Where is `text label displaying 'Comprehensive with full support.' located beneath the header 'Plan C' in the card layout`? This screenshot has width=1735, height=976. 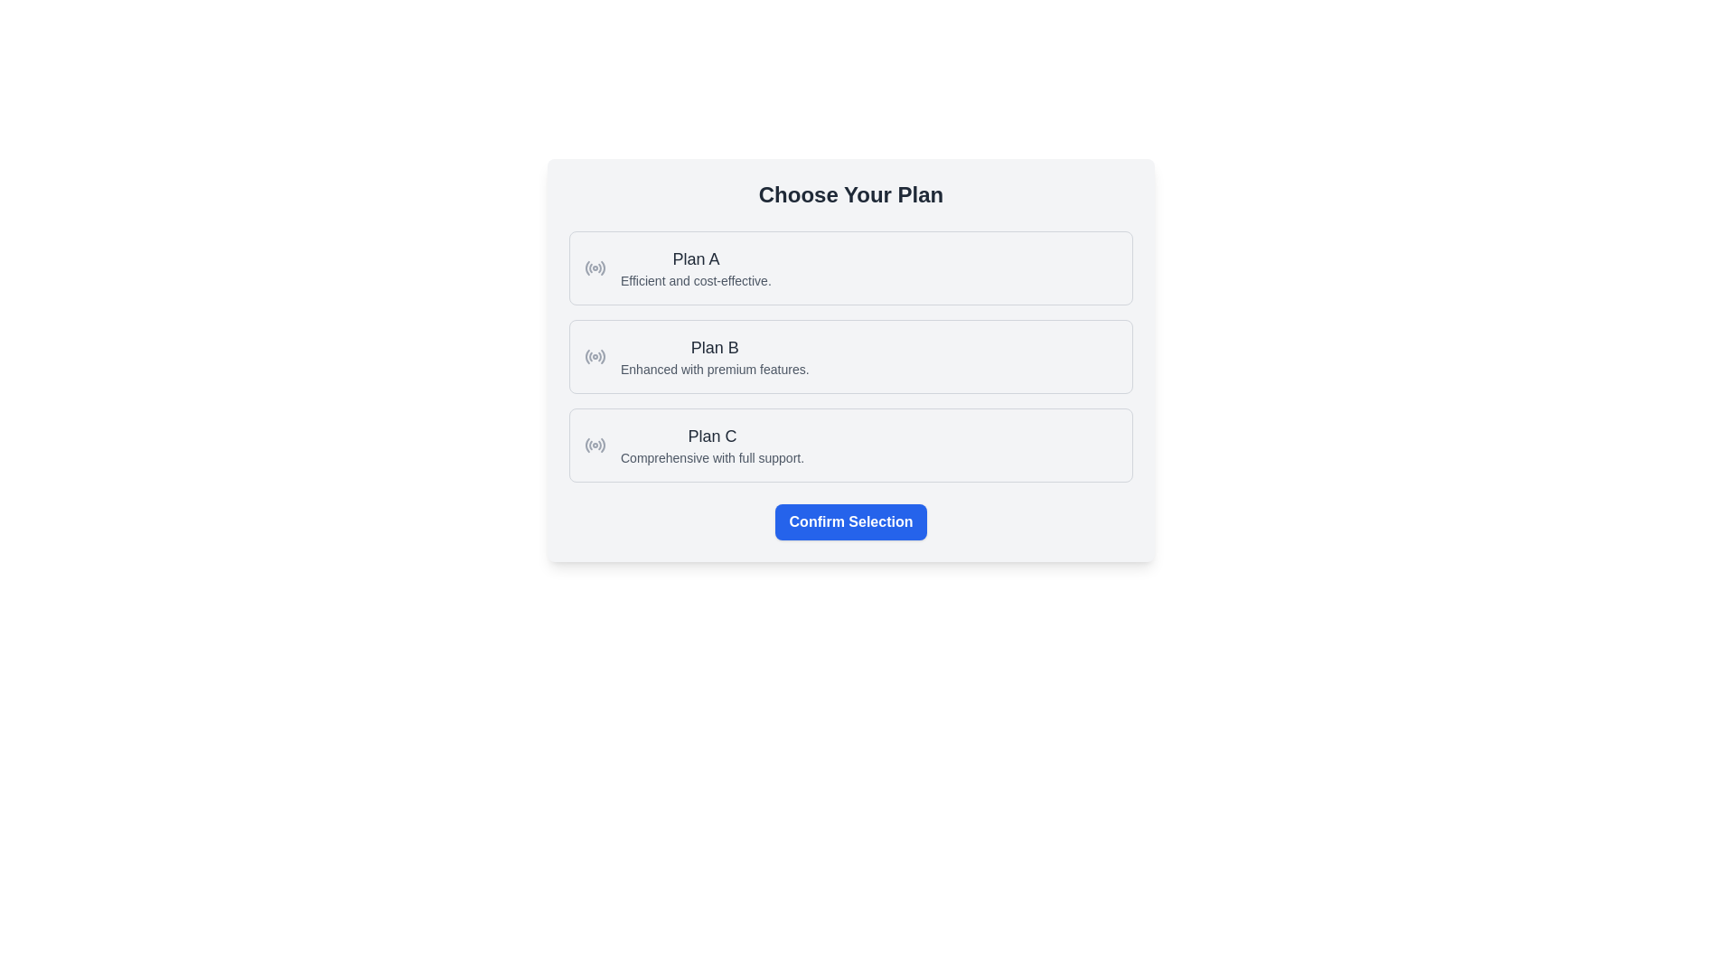
text label displaying 'Comprehensive with full support.' located beneath the header 'Plan C' in the card layout is located at coordinates (711, 456).